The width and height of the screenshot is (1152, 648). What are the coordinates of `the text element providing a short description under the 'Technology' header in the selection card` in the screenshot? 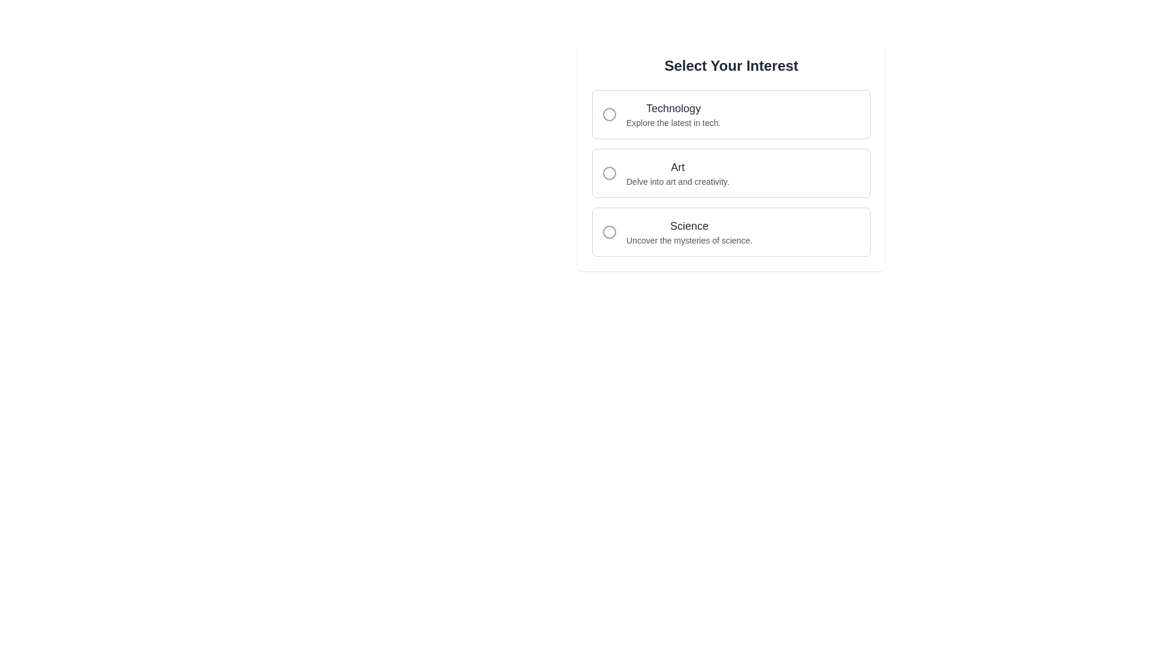 It's located at (673, 122).